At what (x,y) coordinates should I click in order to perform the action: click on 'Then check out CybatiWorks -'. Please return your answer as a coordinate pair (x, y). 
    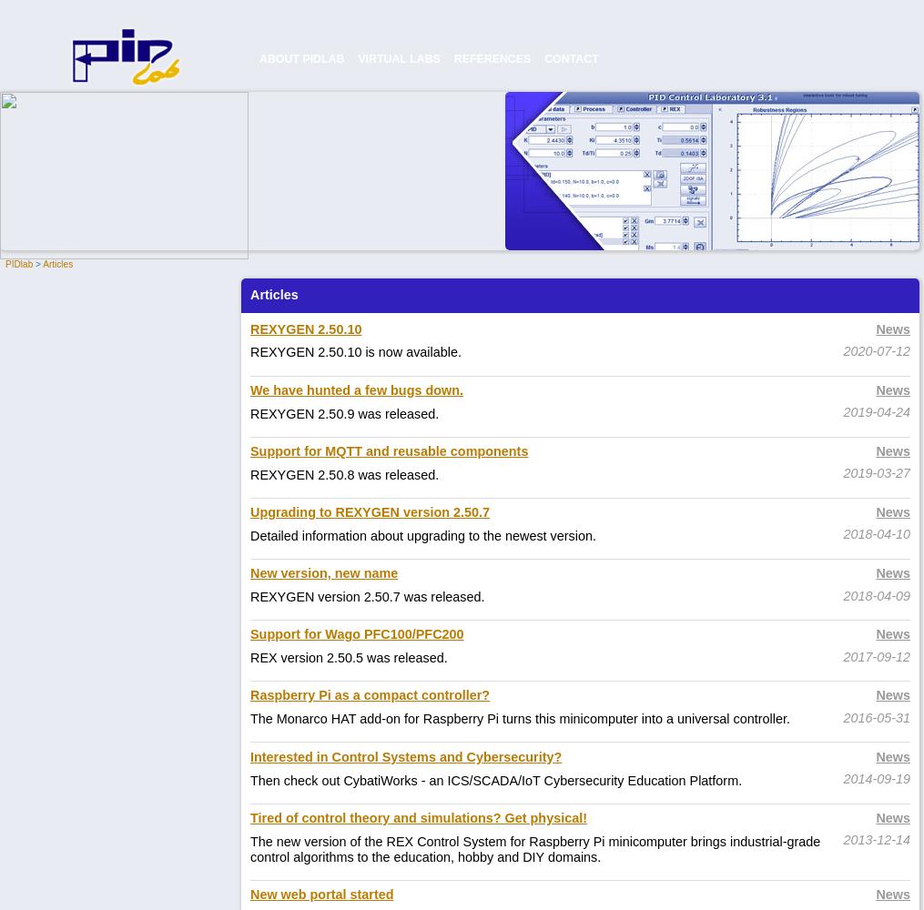
    Looking at the image, I should click on (340, 779).